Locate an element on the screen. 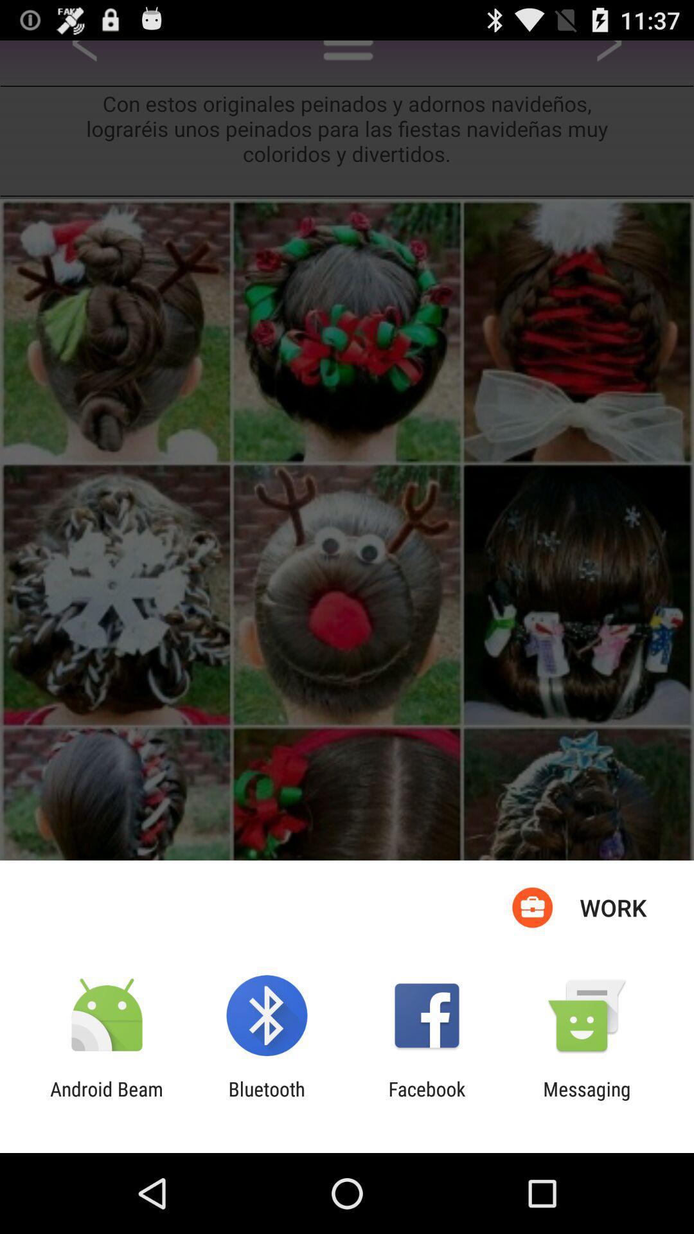 Image resolution: width=694 pixels, height=1234 pixels. the app to the right of android beam icon is located at coordinates (266, 1100).